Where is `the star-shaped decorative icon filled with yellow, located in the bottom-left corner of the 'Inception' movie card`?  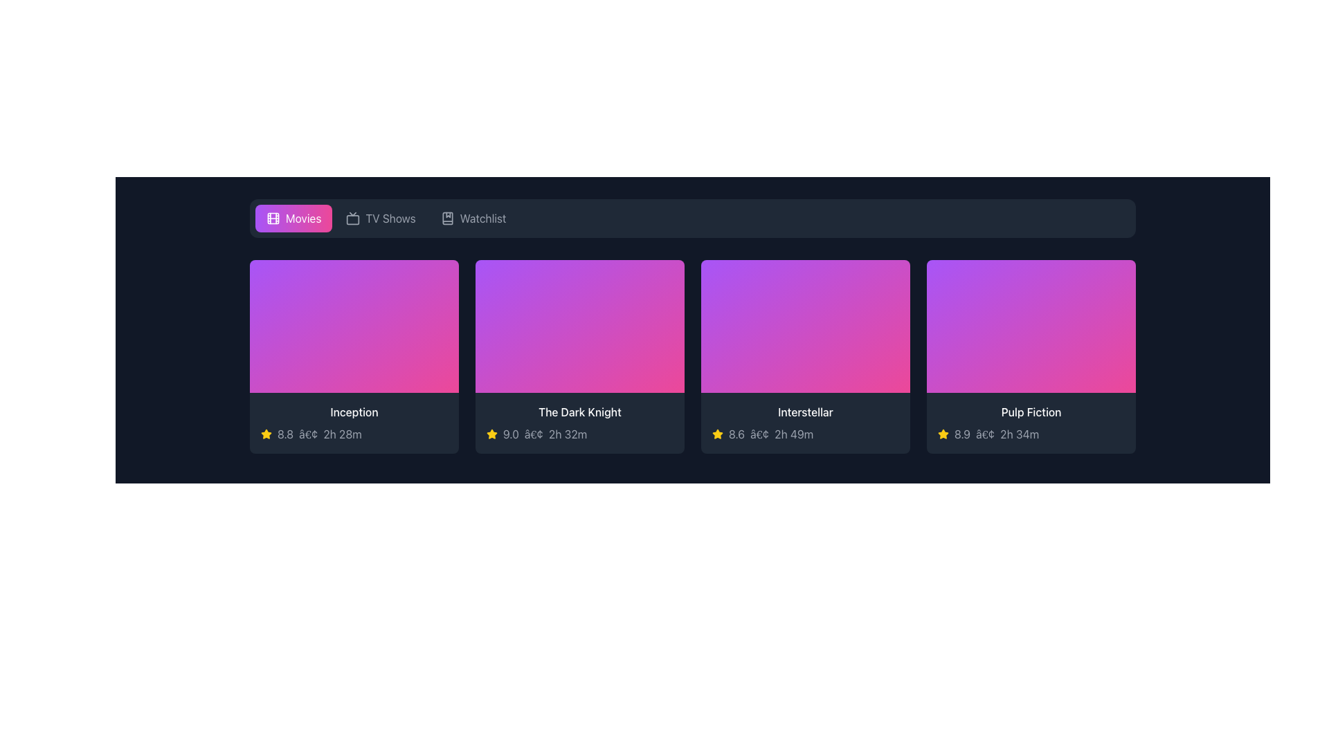
the star-shaped decorative icon filled with yellow, located in the bottom-left corner of the 'Inception' movie card is located at coordinates (266, 433).